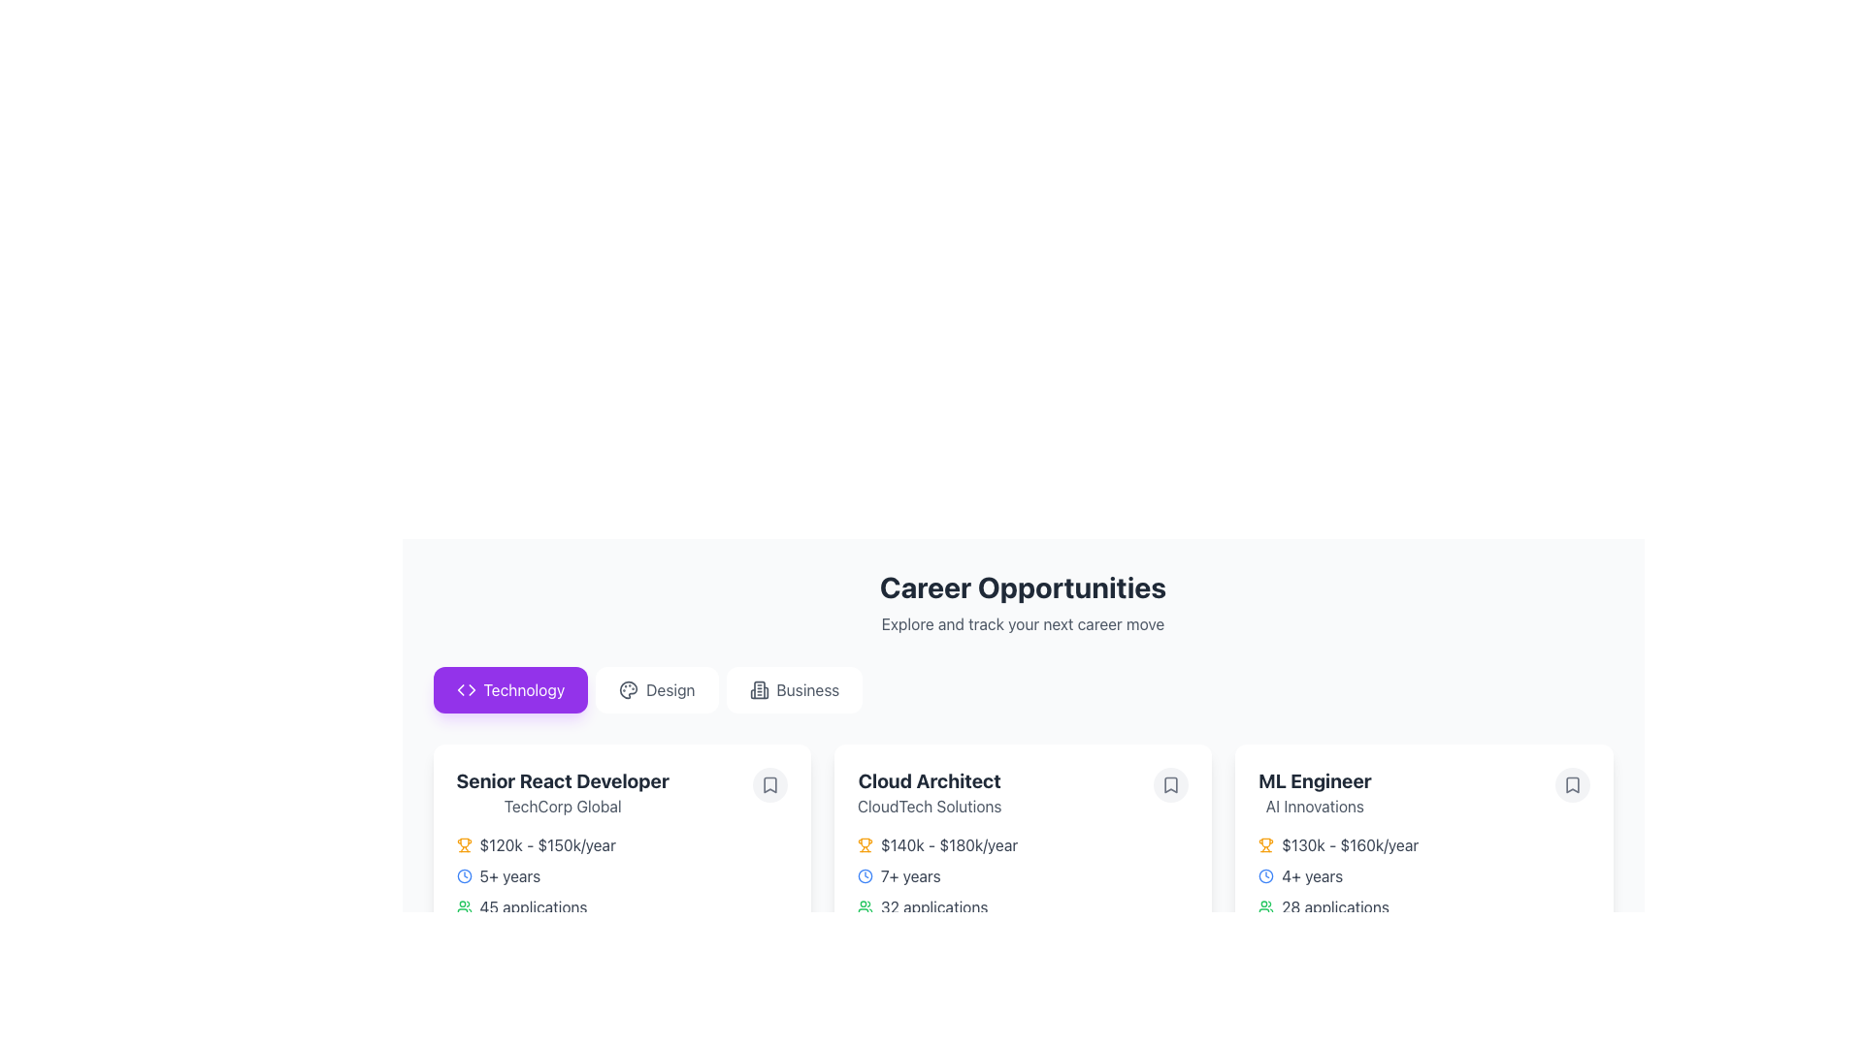  I want to click on the design of the coding or technology category icon located to the left of the 'Technology' text on the button, centered vertically within the button, so click(466, 689).